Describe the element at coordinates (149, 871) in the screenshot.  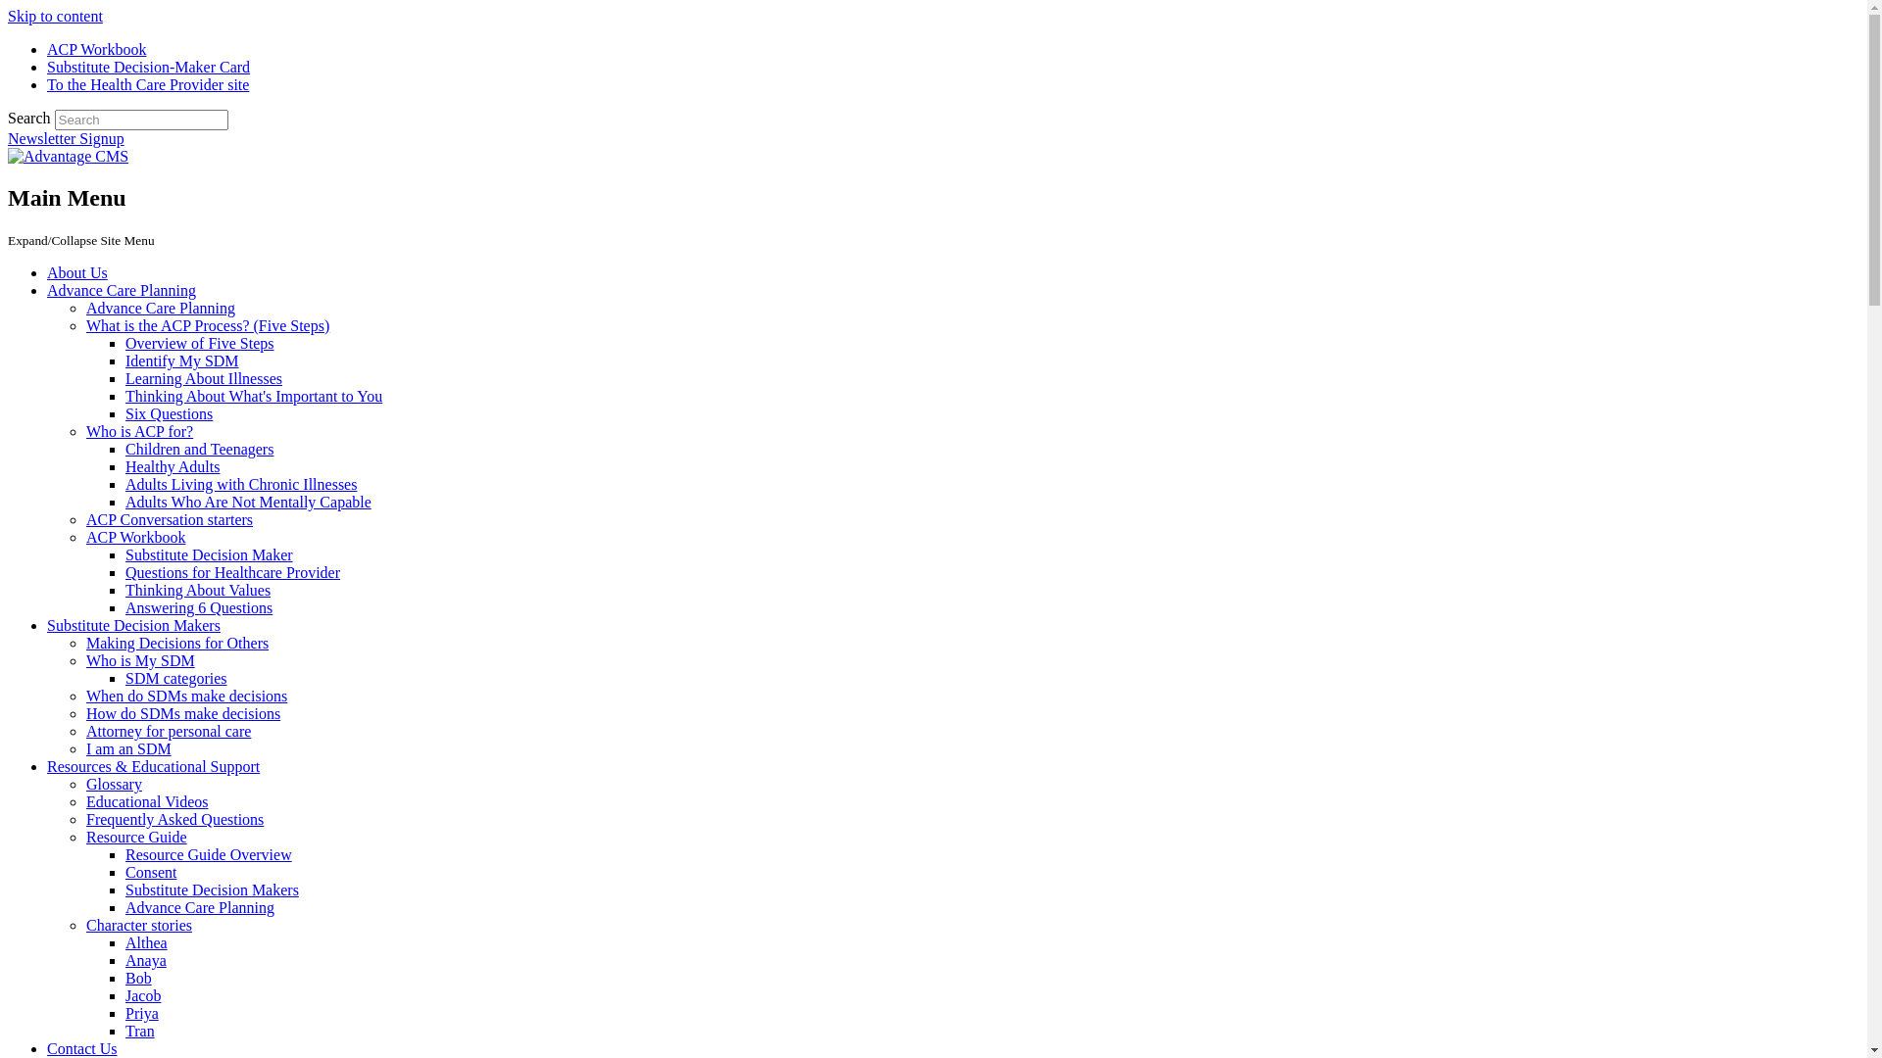
I see `'Consent'` at that location.